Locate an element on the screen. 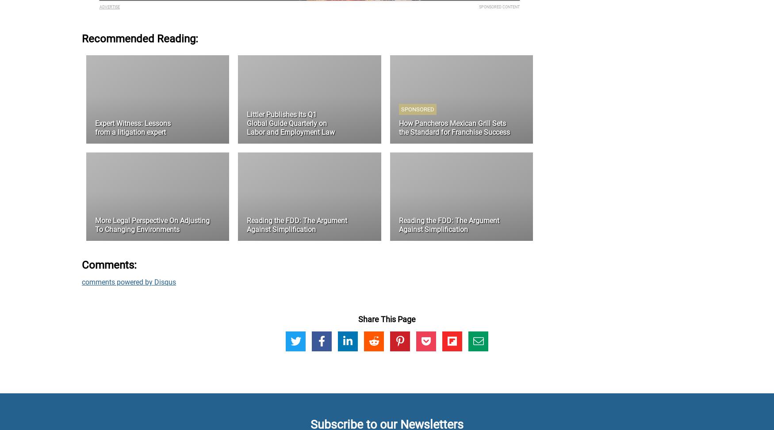  'Comments:' is located at coordinates (109, 265).